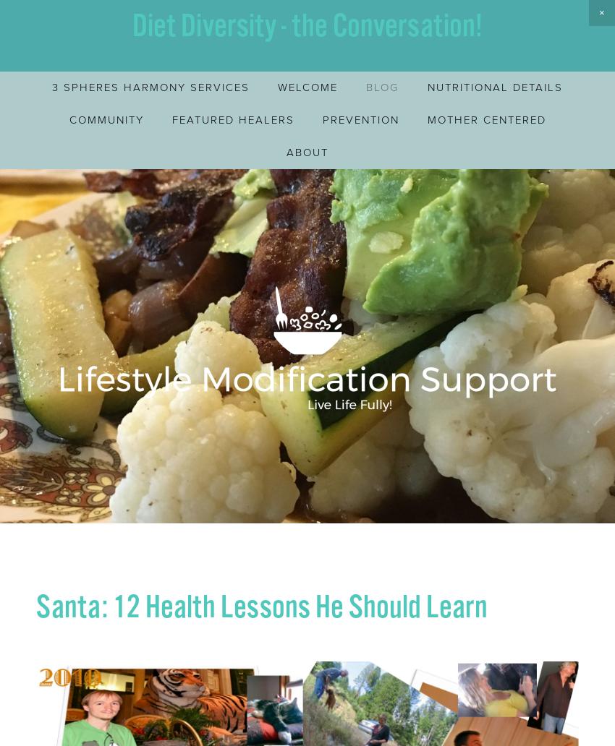 This screenshot has width=615, height=746. What do you see at coordinates (307, 27) in the screenshot?
I see `'Diet Diversity - the Conversation!'` at bounding box center [307, 27].